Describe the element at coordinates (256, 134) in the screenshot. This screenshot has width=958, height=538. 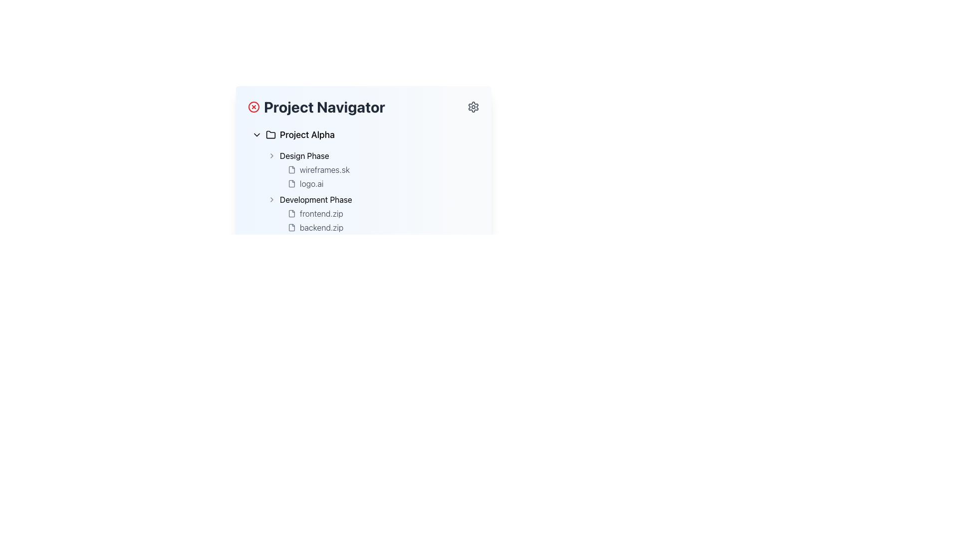
I see `the chevron toggle button located at the top-left of the 'Project Alpha' section` at that location.